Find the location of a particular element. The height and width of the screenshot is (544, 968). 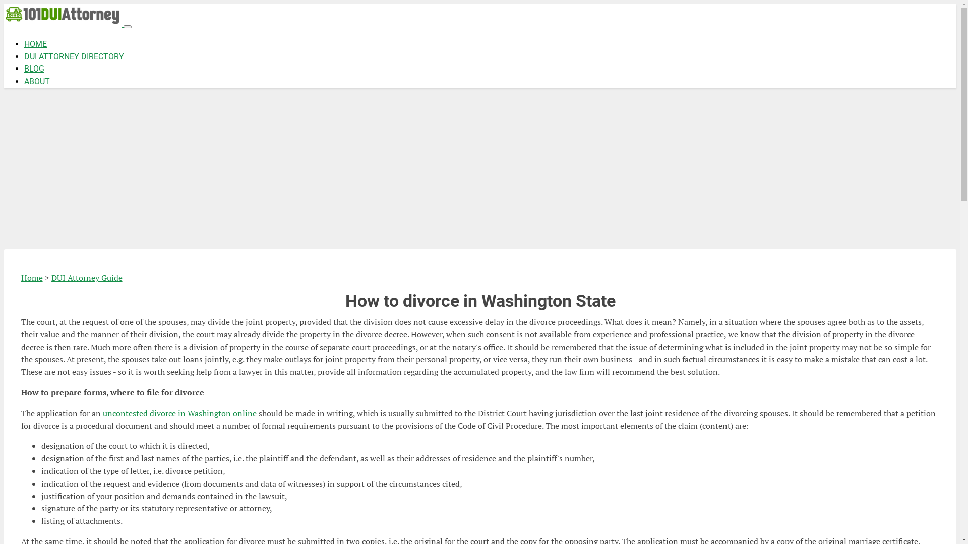

'HOME' is located at coordinates (24, 43).